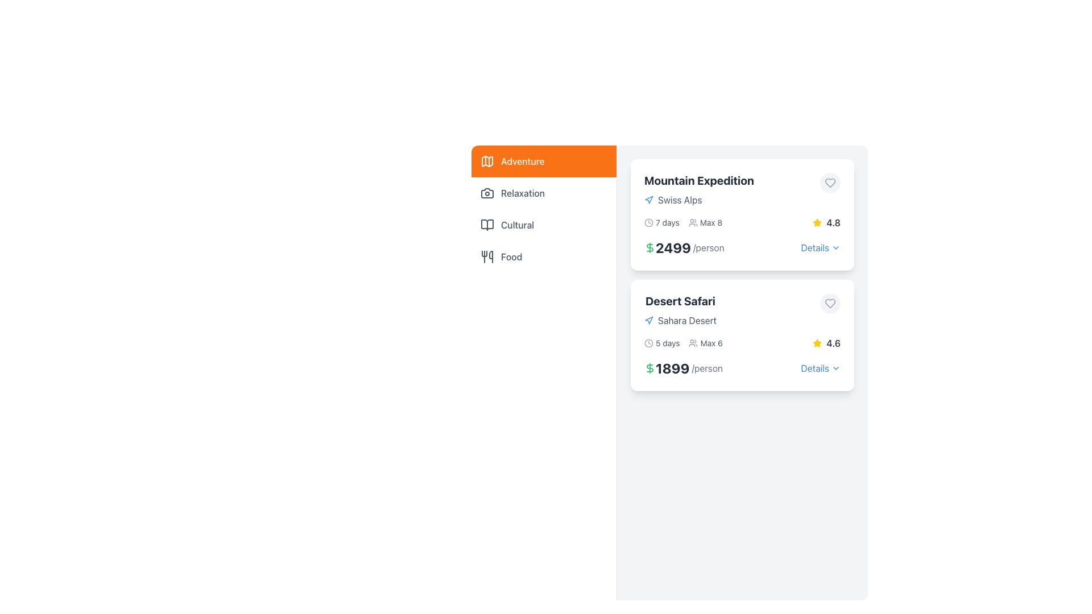 This screenshot has width=1092, height=614. Describe the element at coordinates (826, 343) in the screenshot. I see `the Rating indicator with the yellow star icon and the text '4.6'` at that location.